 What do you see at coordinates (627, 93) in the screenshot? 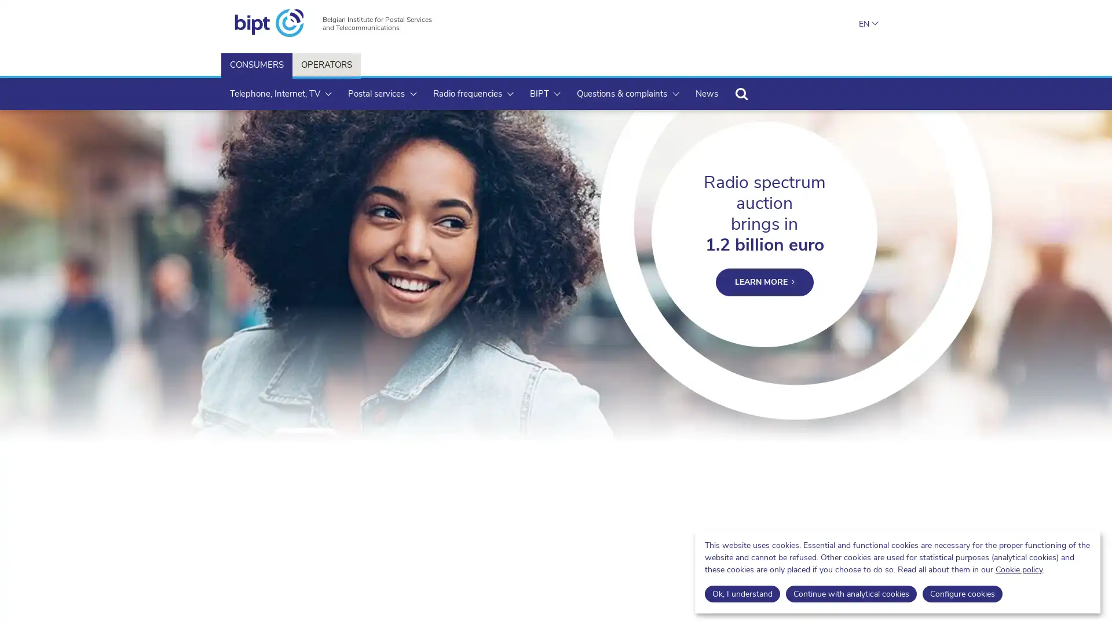
I see `Questions & complaints` at bounding box center [627, 93].